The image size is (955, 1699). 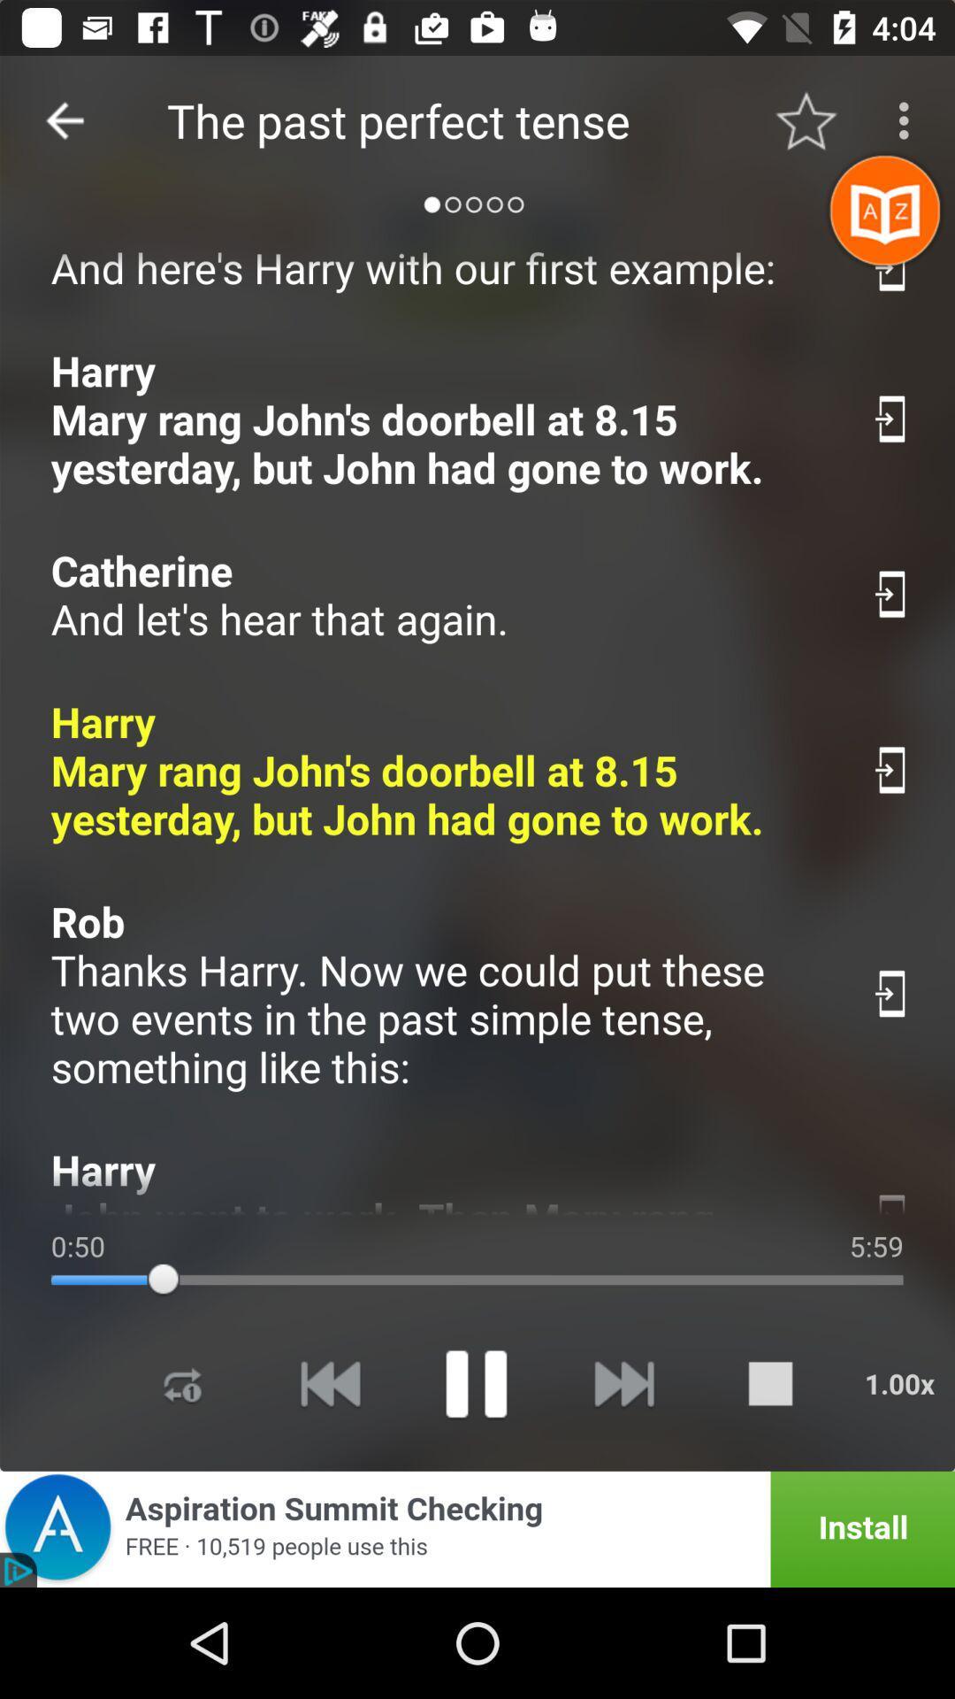 I want to click on the repeat icon, so click(x=183, y=1382).